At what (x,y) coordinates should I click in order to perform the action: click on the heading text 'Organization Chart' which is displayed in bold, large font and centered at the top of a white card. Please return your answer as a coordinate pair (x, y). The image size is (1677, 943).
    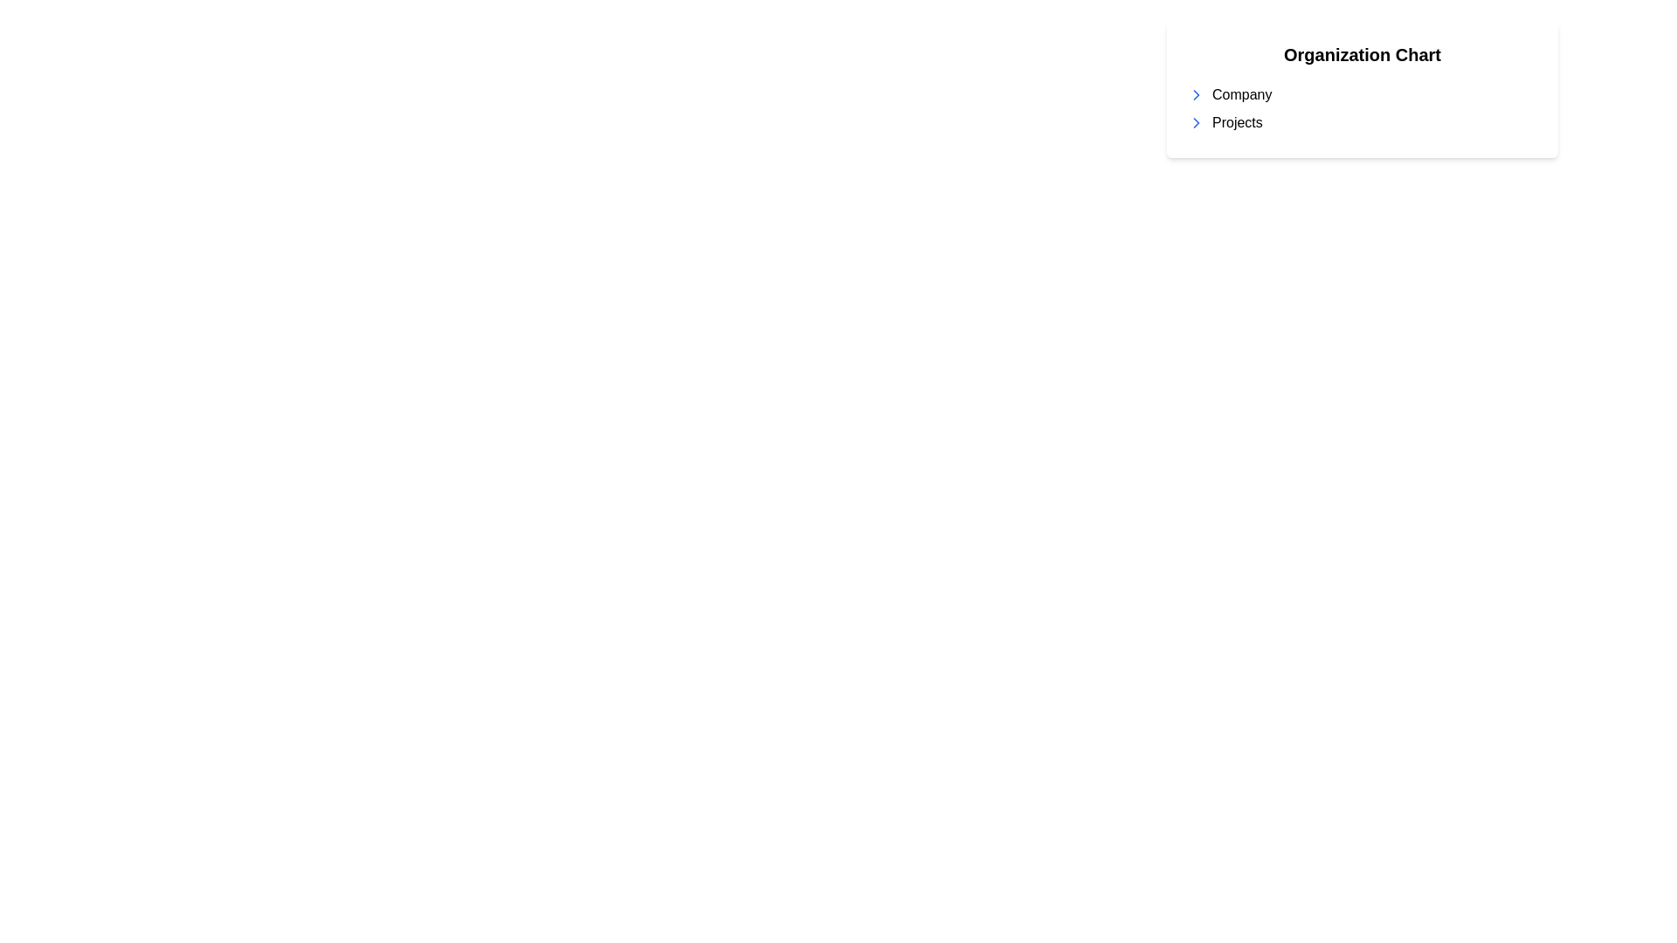
    Looking at the image, I should click on (1362, 53).